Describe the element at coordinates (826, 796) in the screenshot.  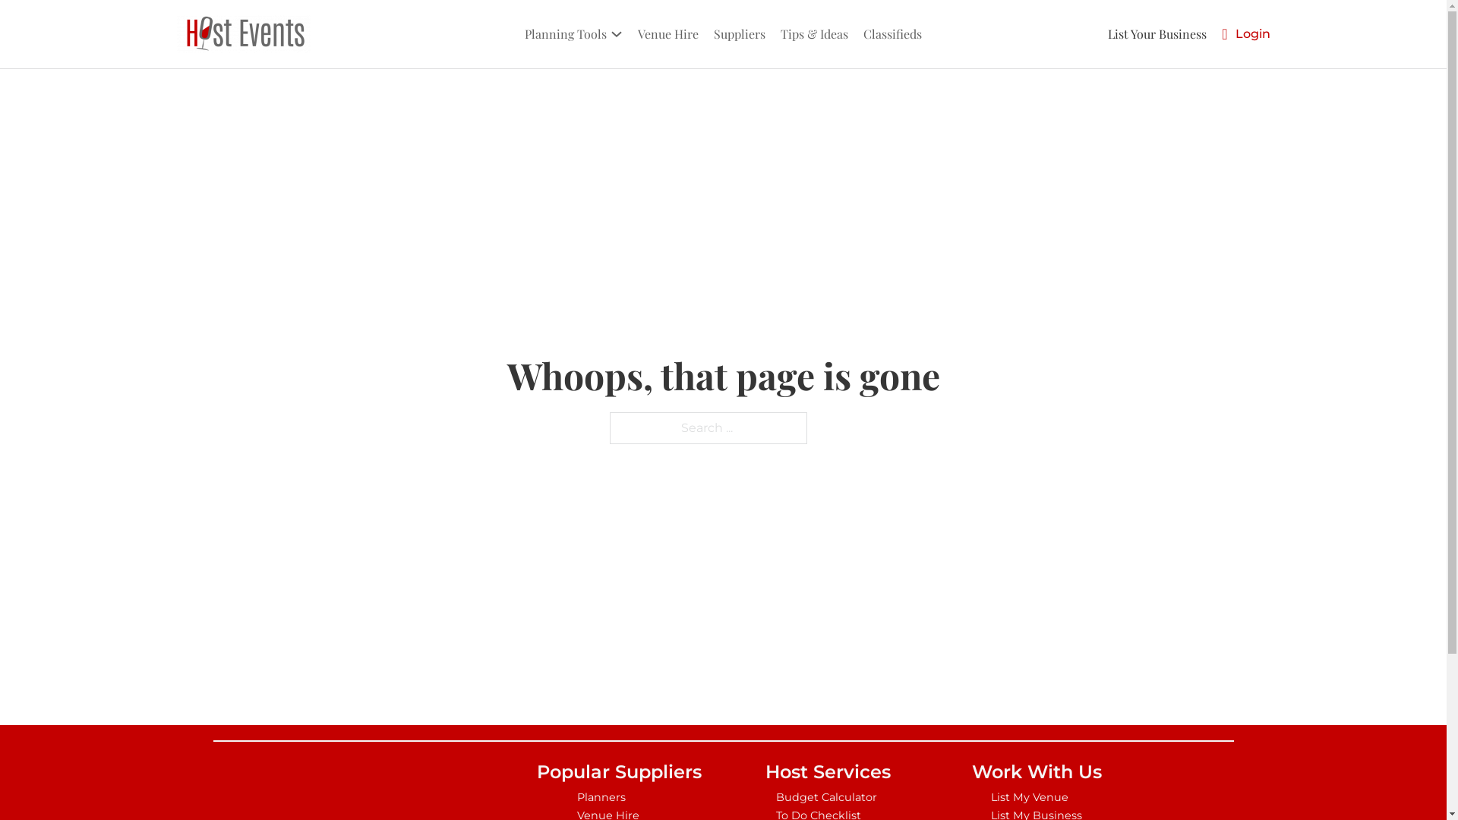
I see `'Budget Calculator'` at that location.